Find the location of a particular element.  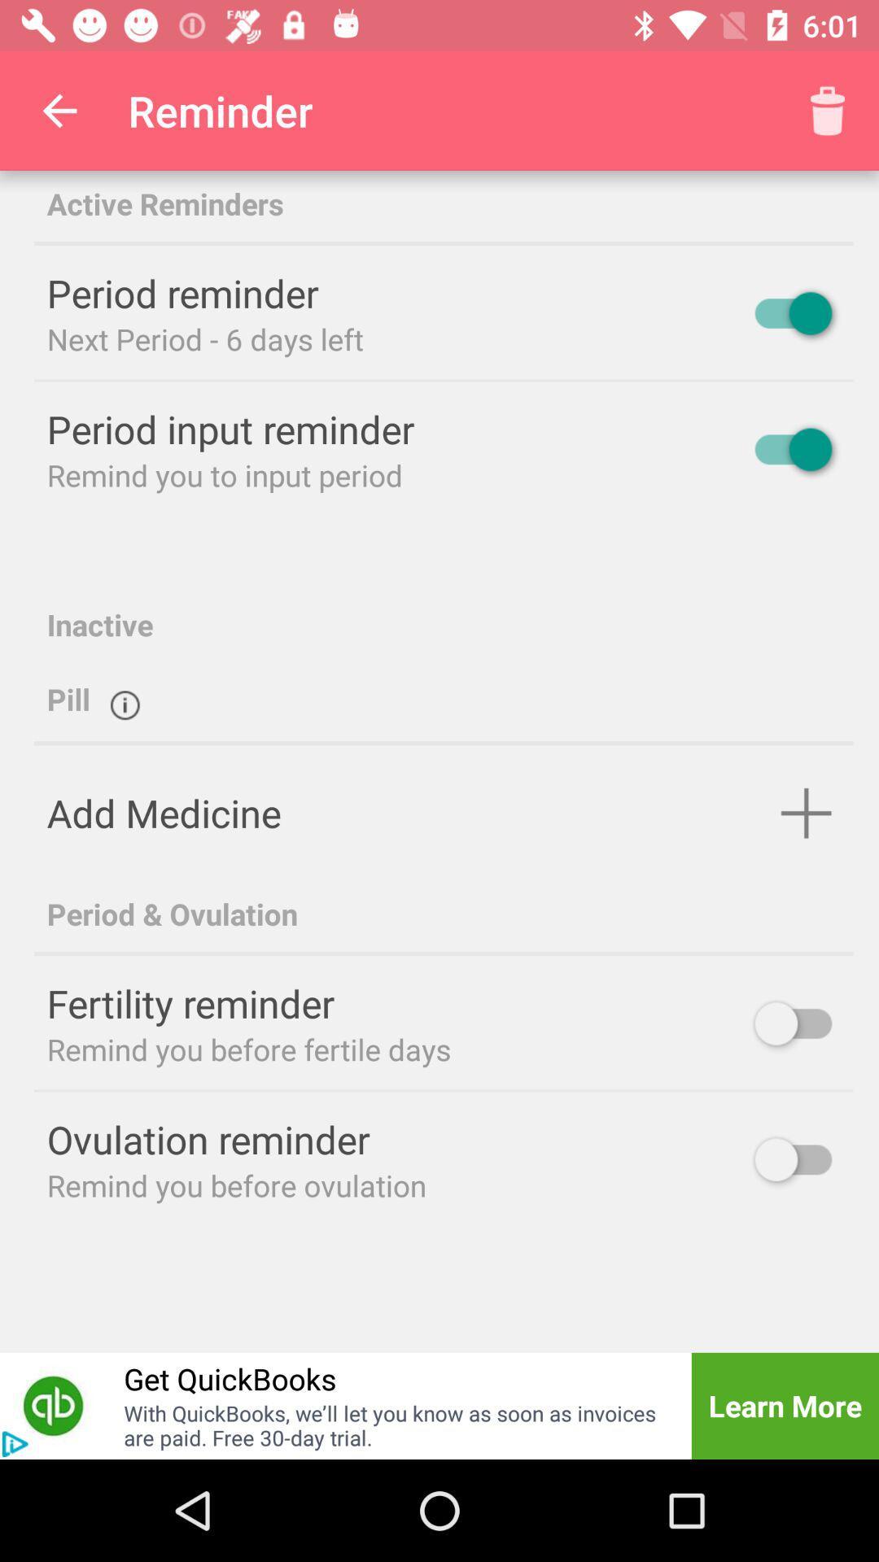

the play icon is located at coordinates (15, 1444).